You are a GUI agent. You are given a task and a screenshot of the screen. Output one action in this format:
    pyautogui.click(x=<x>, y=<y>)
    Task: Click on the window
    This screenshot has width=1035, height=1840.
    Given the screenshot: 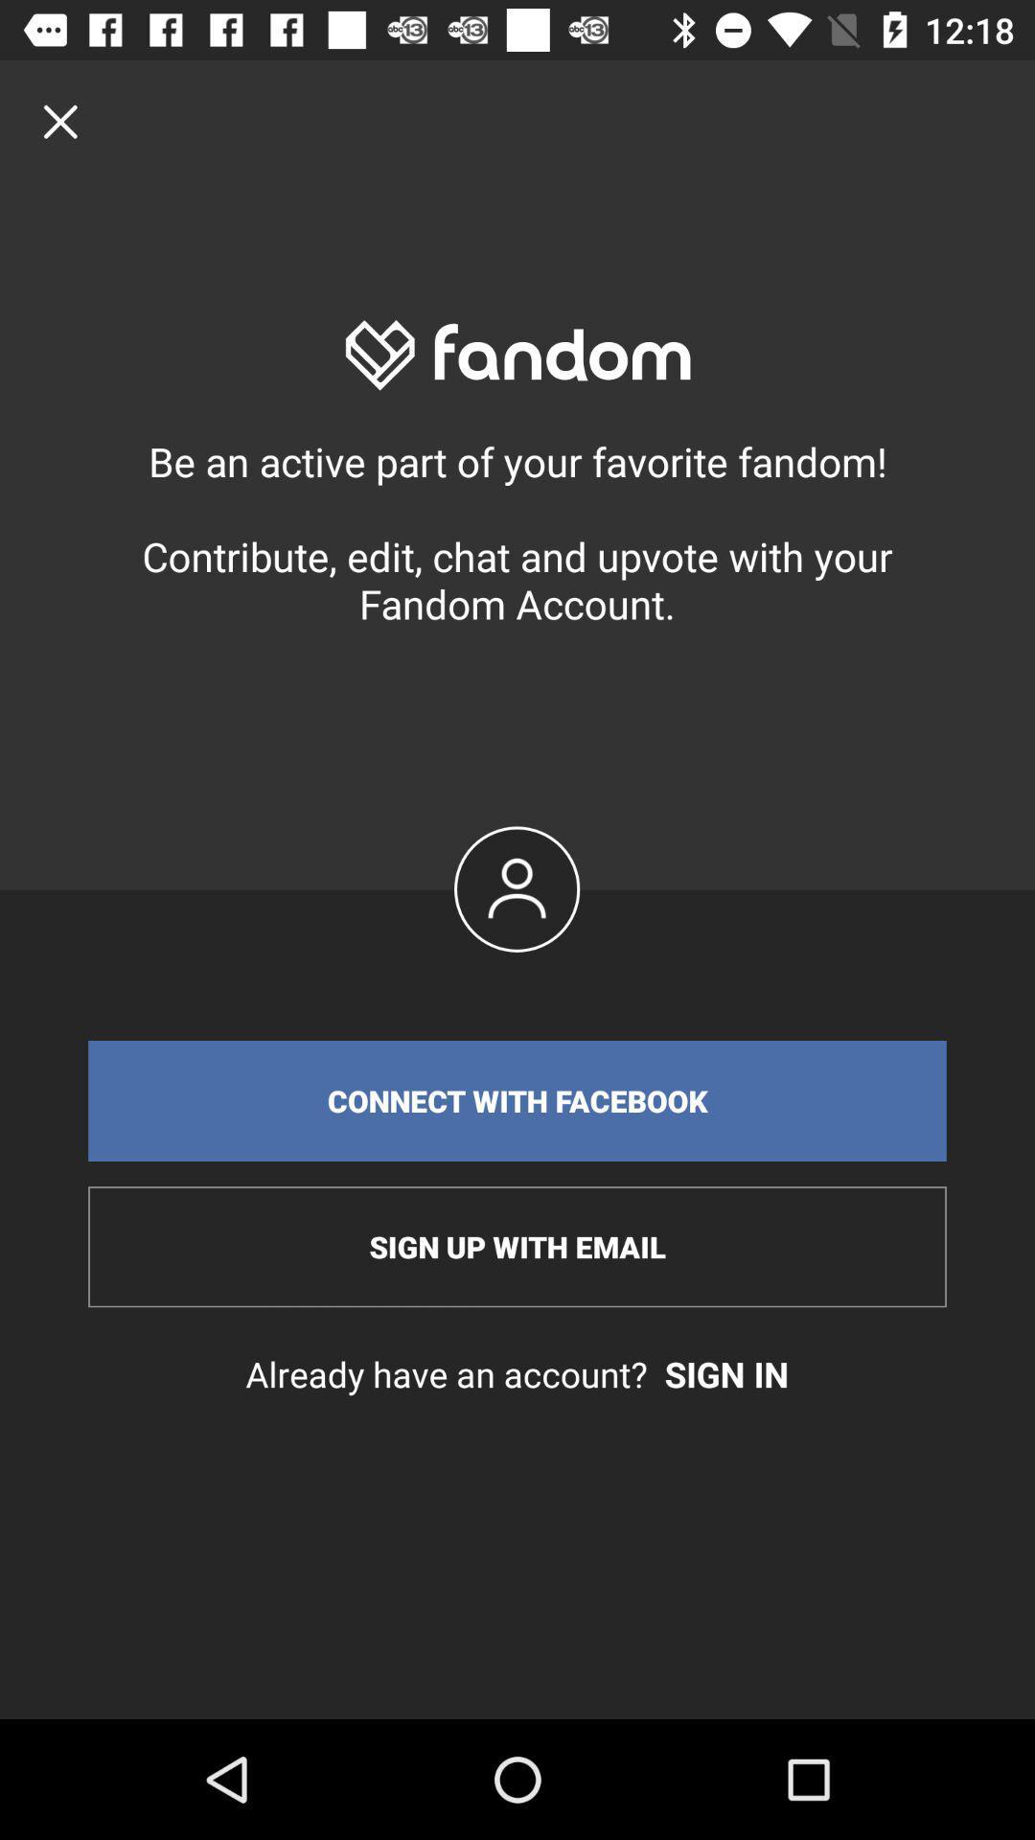 What is the action you would take?
    pyautogui.click(x=59, y=120)
    